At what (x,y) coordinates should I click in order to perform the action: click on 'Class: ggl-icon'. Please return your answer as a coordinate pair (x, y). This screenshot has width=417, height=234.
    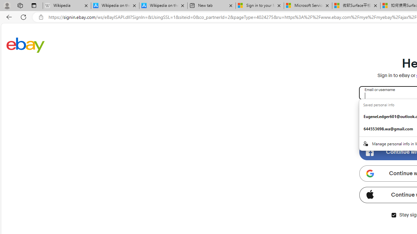
    Looking at the image, I should click on (370, 173).